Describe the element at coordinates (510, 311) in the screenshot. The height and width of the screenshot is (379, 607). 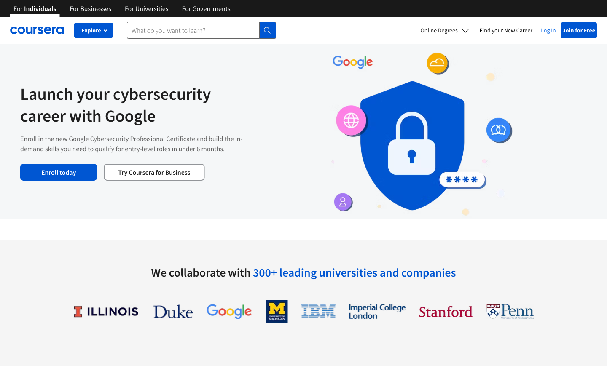
I see `View information about University of Pennsylvania` at that location.